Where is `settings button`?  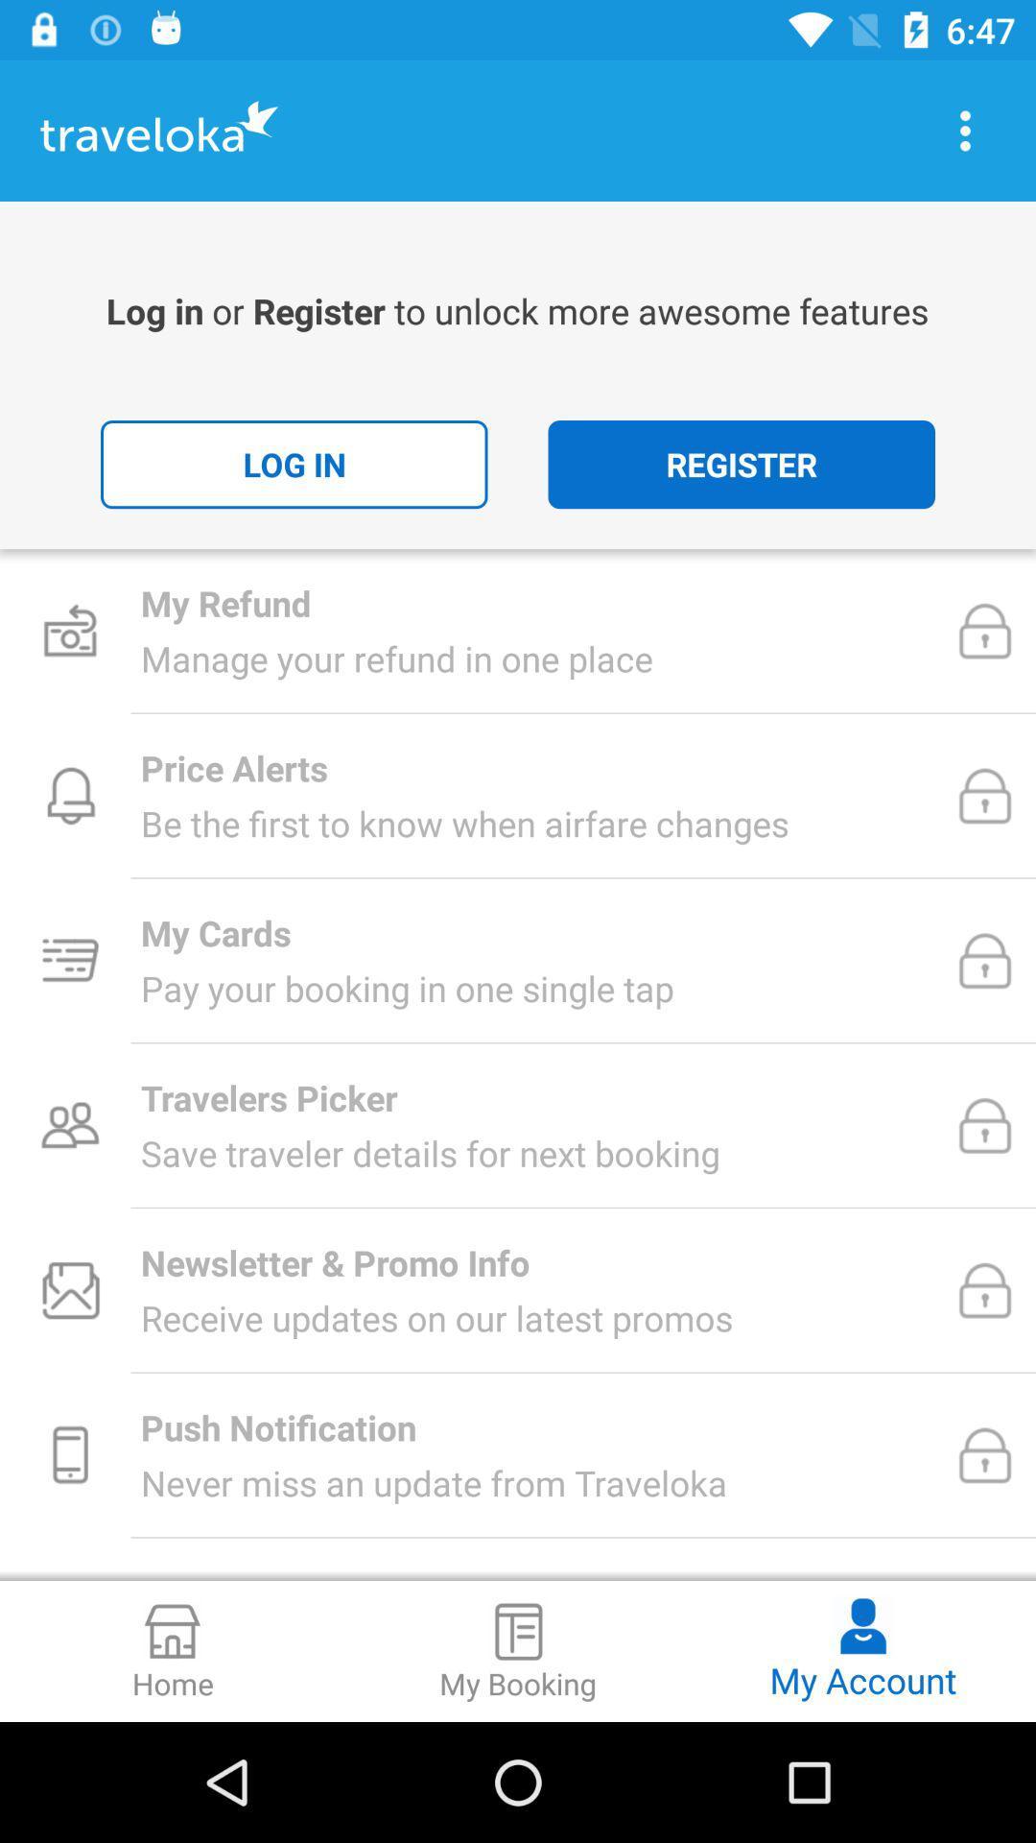
settings button is located at coordinates (965, 130).